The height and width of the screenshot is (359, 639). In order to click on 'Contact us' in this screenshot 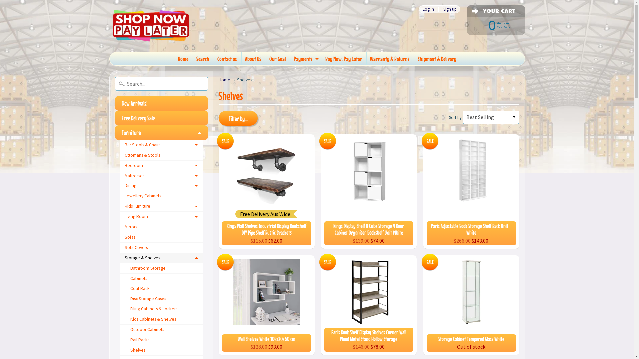, I will do `click(227, 59)`.